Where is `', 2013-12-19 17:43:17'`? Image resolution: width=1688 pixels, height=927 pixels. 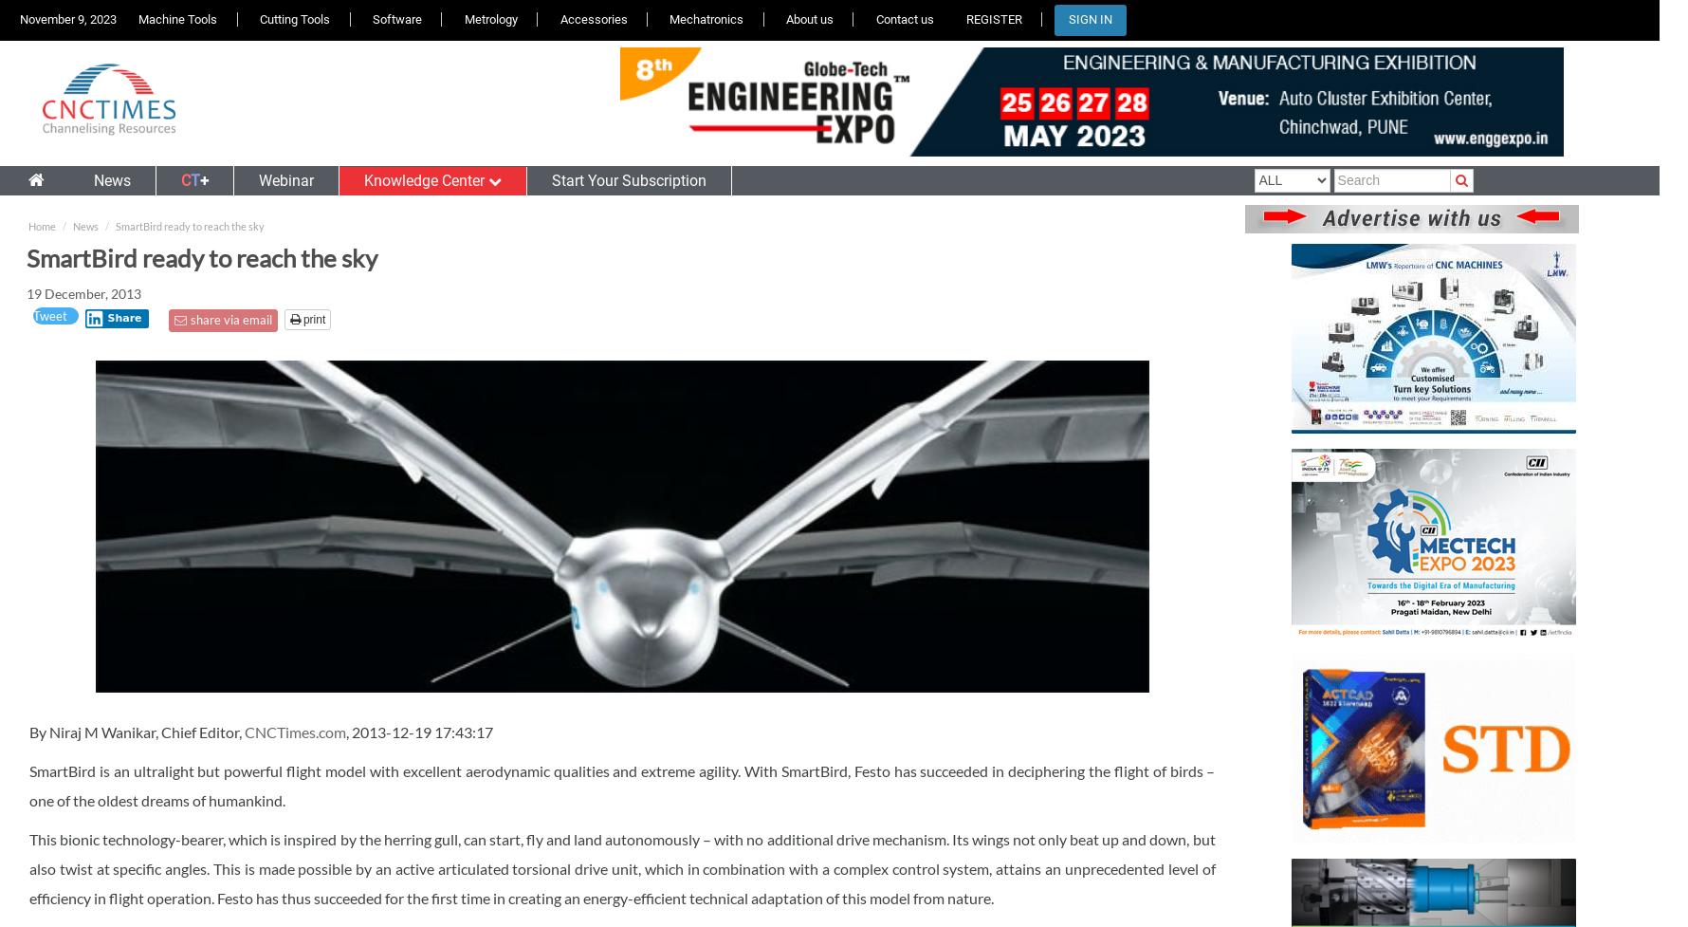
', 2013-12-19 17:43:17' is located at coordinates (418, 731).